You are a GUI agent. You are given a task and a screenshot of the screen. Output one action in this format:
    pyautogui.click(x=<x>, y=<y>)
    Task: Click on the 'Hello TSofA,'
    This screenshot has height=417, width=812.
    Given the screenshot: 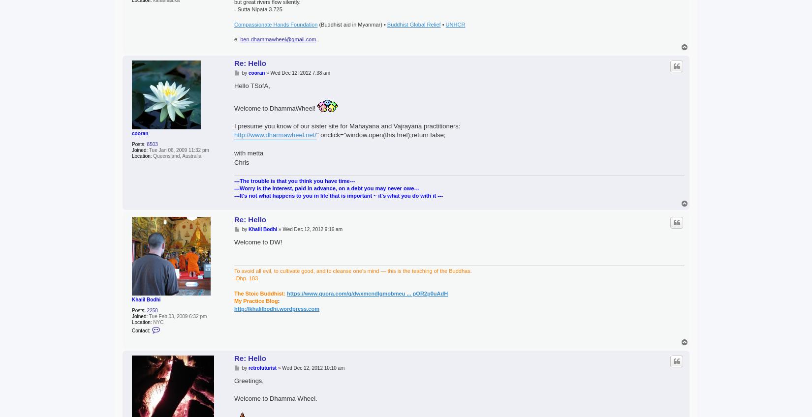 What is the action you would take?
    pyautogui.click(x=234, y=86)
    